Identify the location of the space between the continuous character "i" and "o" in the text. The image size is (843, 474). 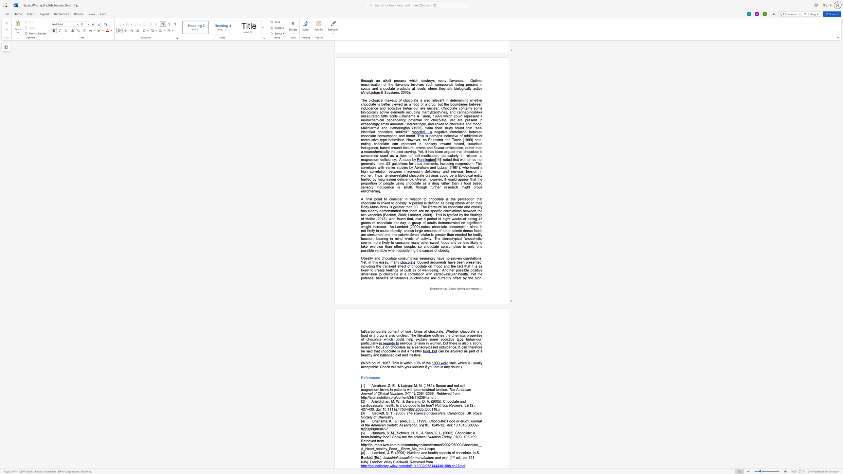
(386, 397).